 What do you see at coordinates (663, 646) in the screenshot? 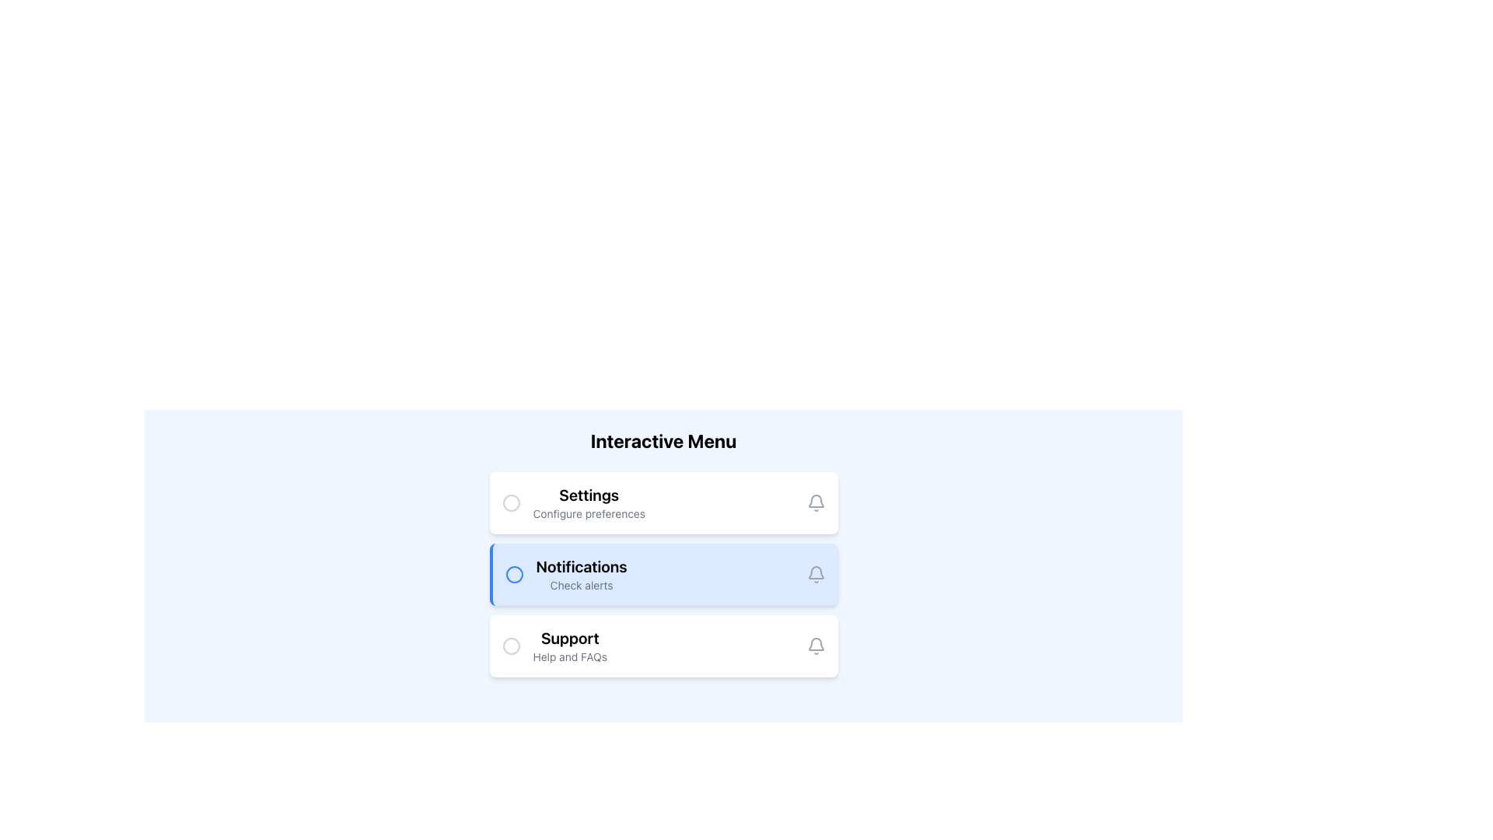
I see `the clickable support panel located centrally at the lower part of the menu` at bounding box center [663, 646].